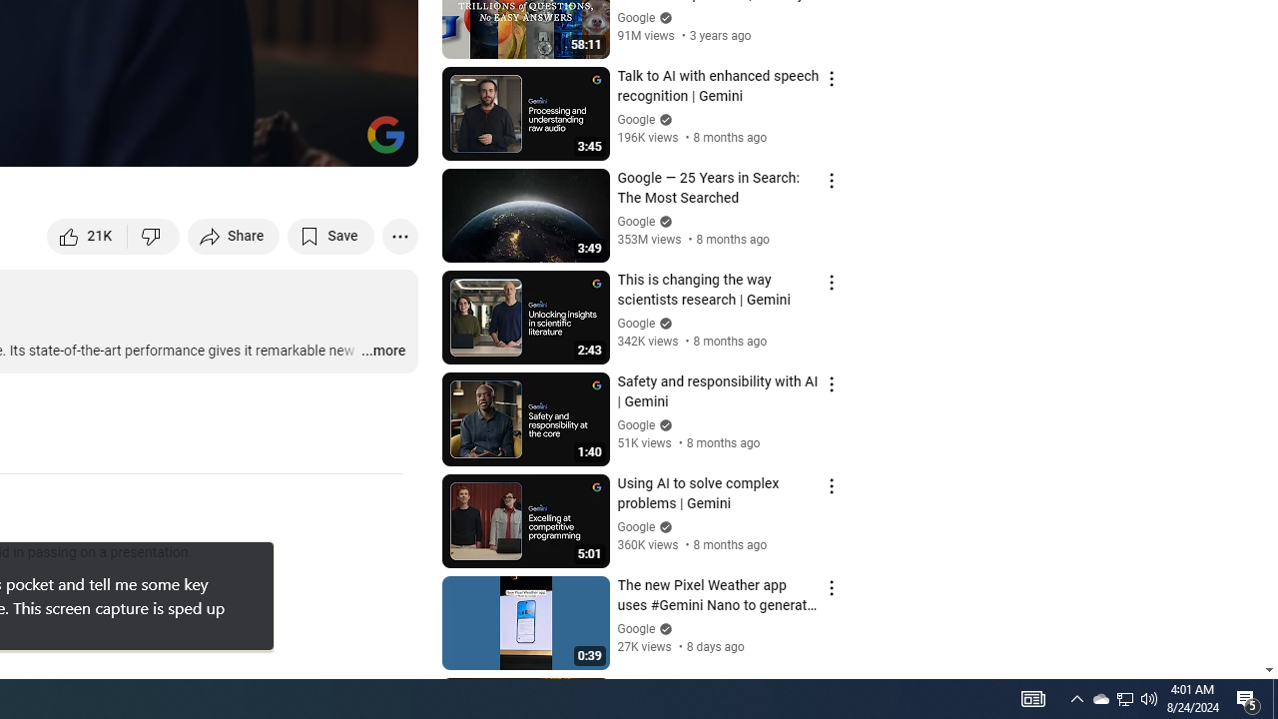 The height and width of the screenshot is (719, 1278). I want to click on 'Share', so click(234, 235).